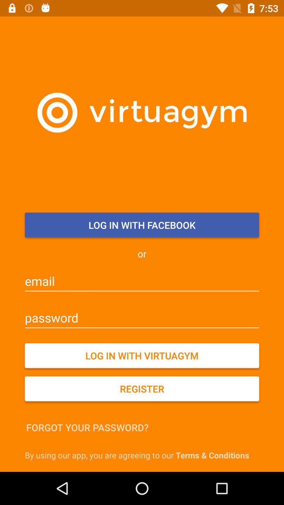 The height and width of the screenshot is (505, 284). I want to click on the icon above the forgot your password? item, so click(142, 389).